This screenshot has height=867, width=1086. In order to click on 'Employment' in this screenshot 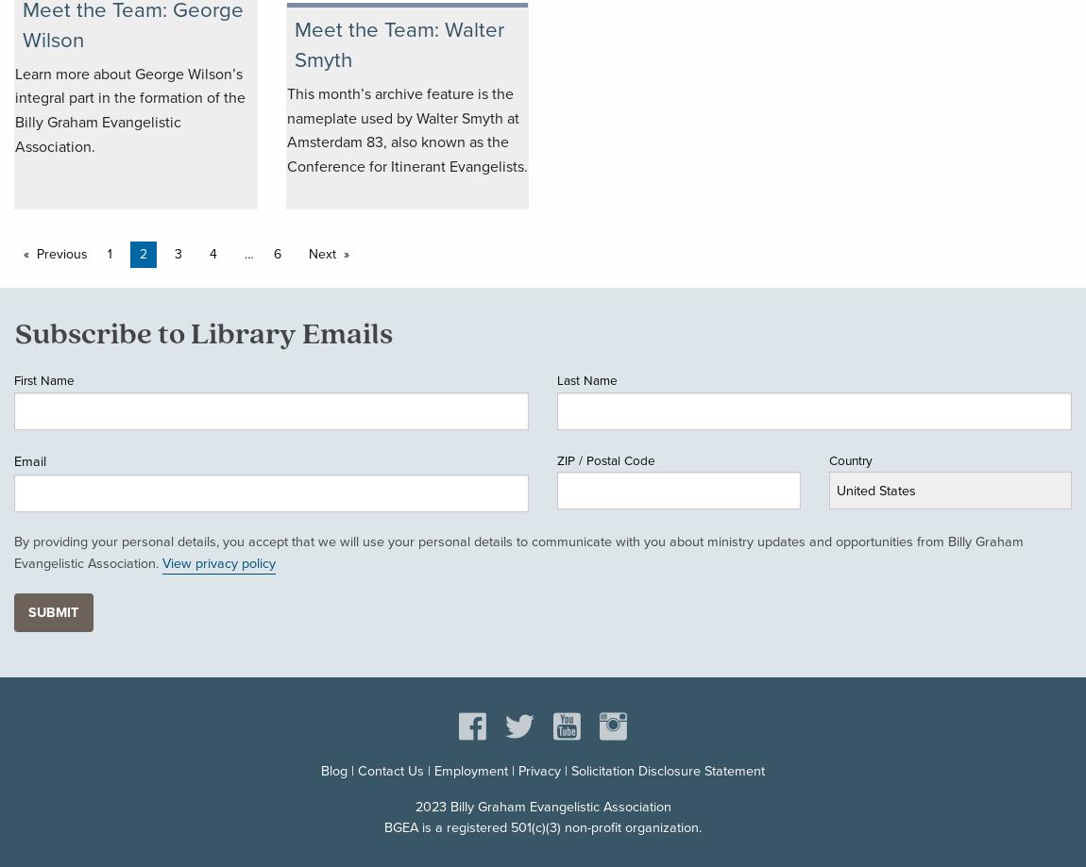, I will do `click(470, 770)`.